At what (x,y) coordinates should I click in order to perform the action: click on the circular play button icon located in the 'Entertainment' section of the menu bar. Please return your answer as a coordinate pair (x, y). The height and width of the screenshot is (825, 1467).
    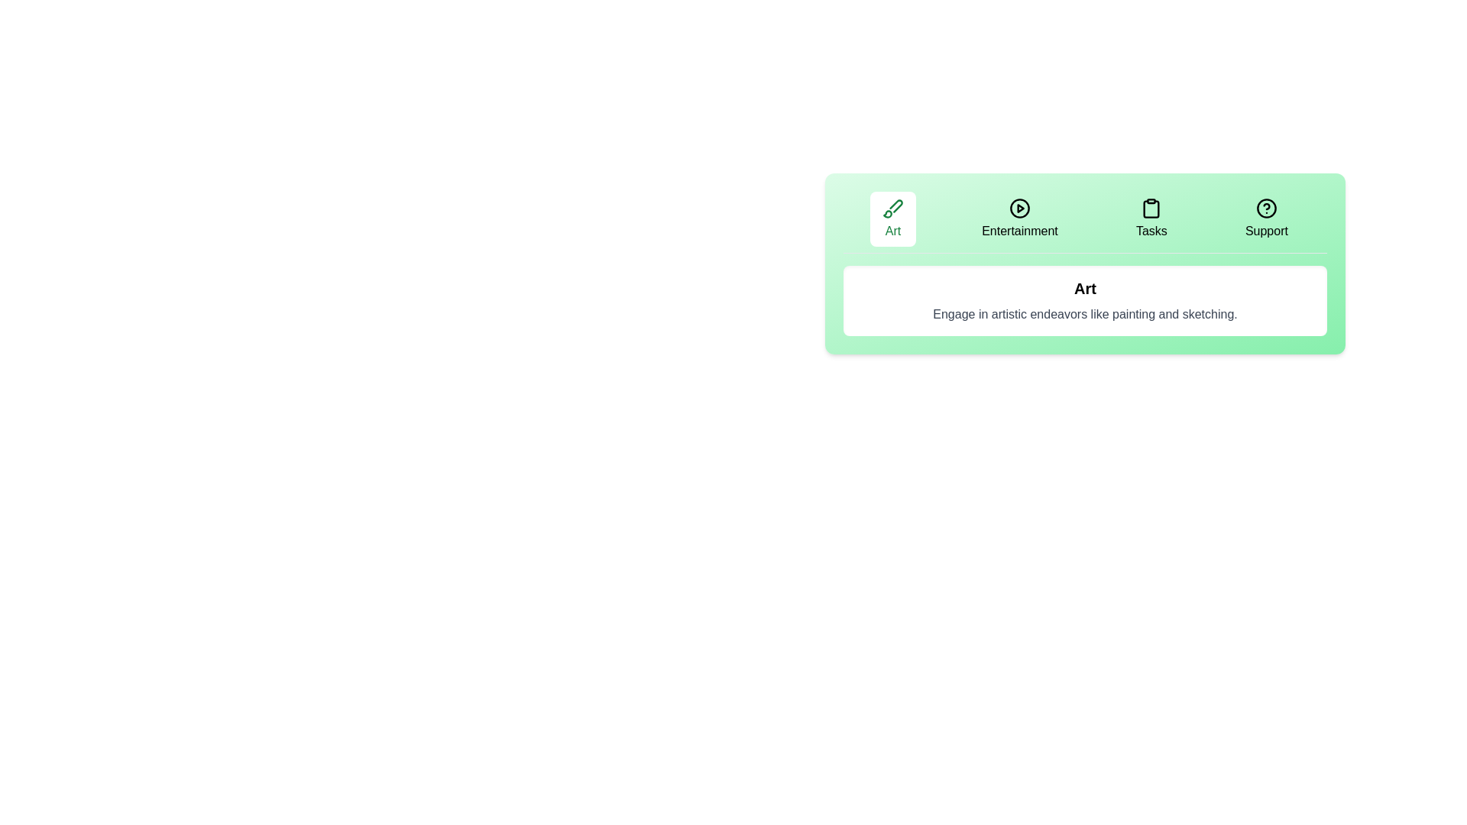
    Looking at the image, I should click on (1019, 209).